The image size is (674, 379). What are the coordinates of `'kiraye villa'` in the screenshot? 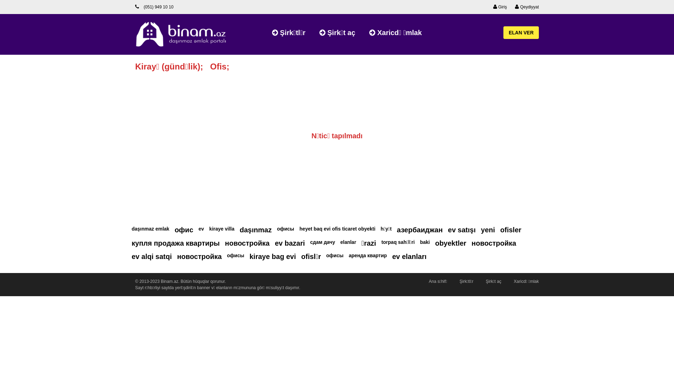 It's located at (222, 228).